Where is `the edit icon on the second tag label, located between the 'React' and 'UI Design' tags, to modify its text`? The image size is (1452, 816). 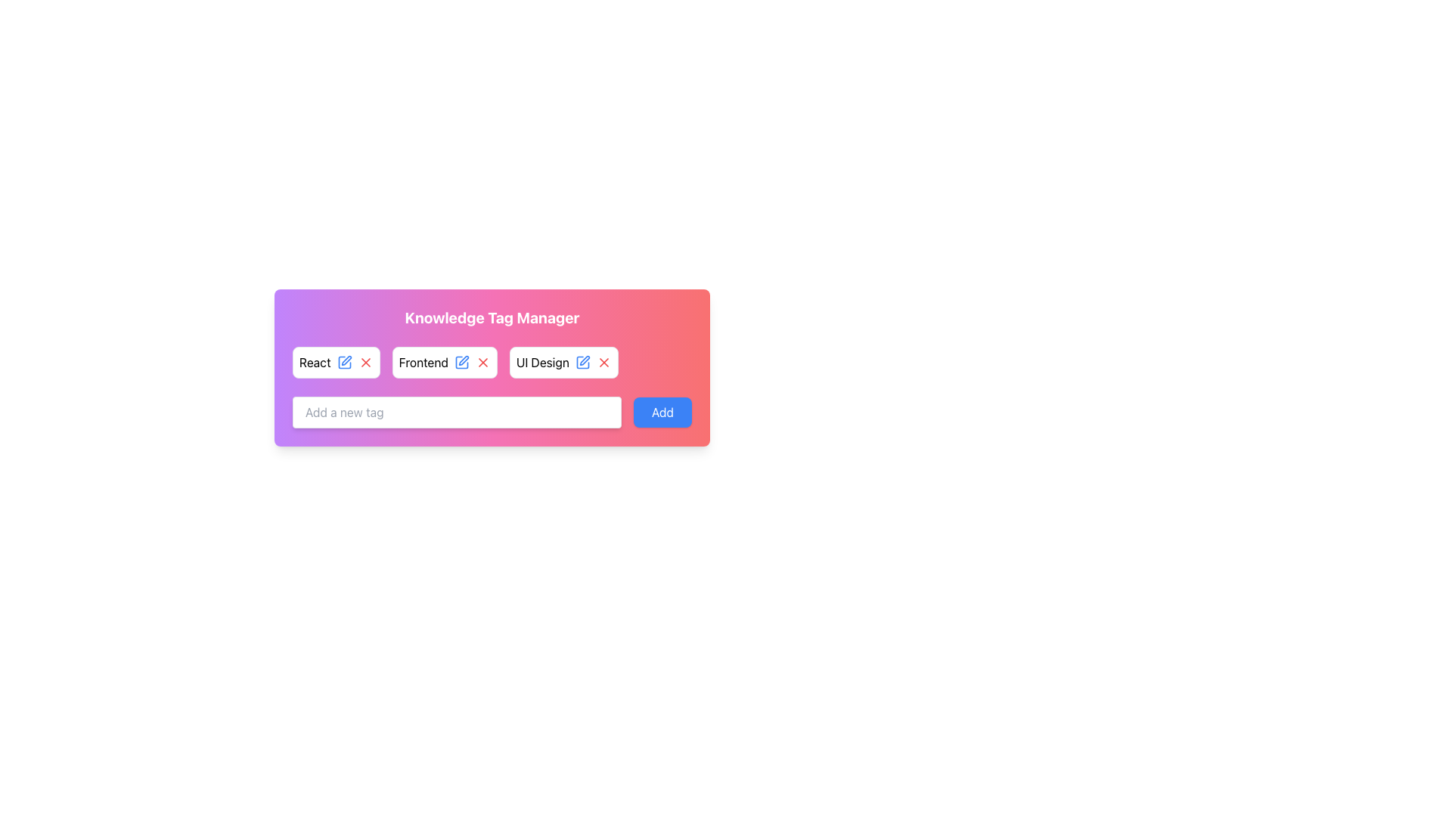
the edit icon on the second tag label, located between the 'React' and 'UI Design' tags, to modify its text is located at coordinates (444, 362).